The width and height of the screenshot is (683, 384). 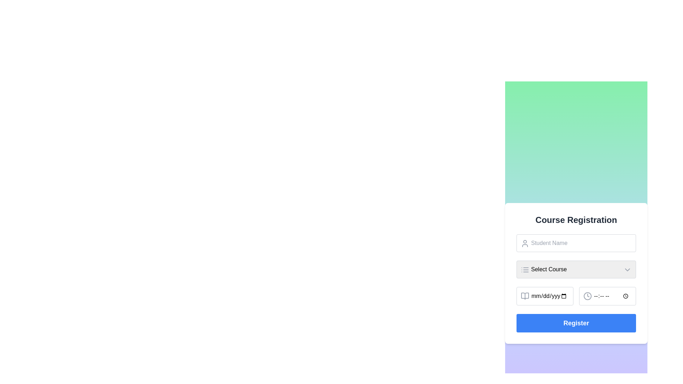 What do you see at coordinates (576, 323) in the screenshot?
I see `the 'Register' button with bright blue background and white bold text` at bounding box center [576, 323].